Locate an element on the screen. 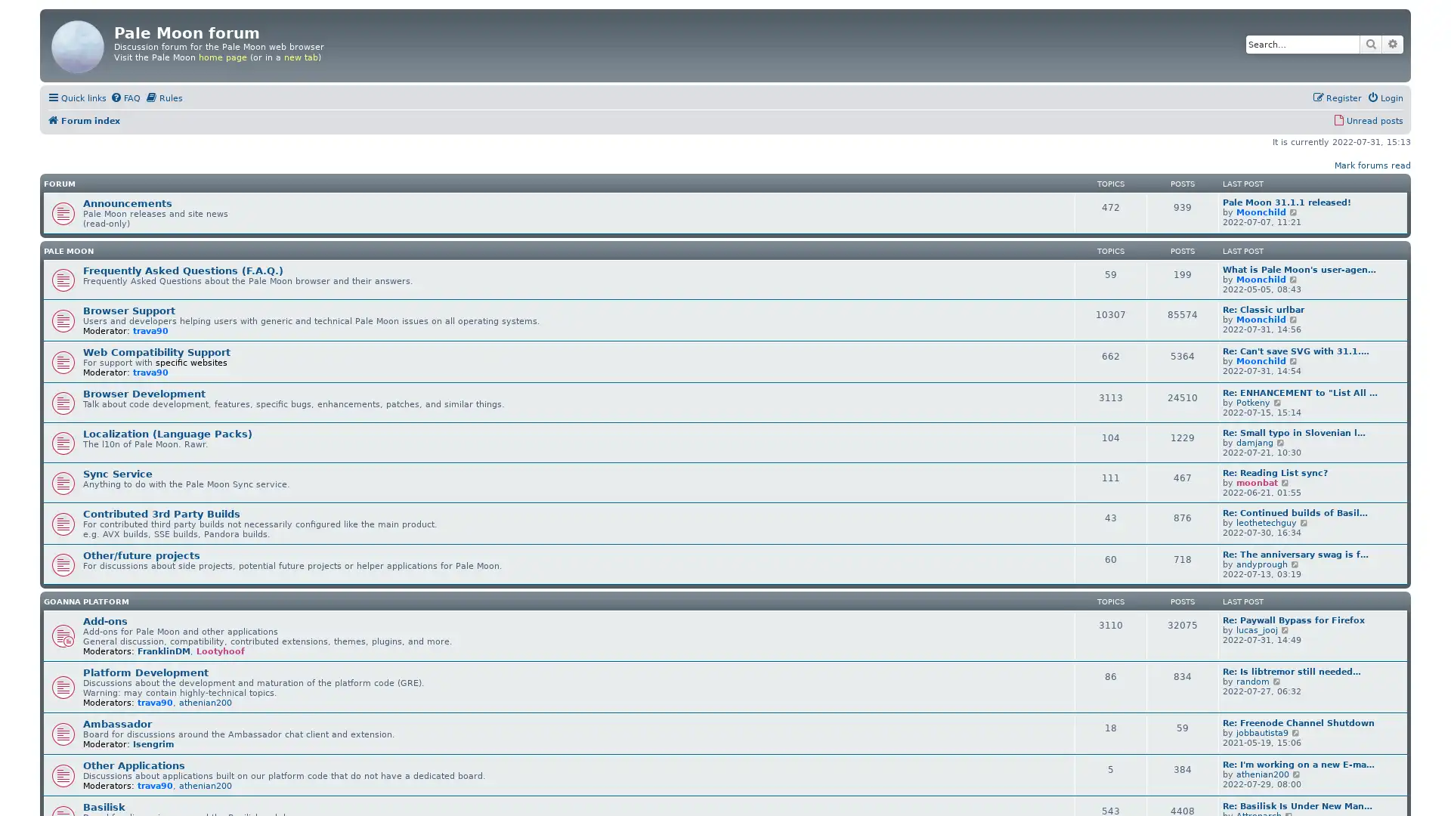 The image size is (1451, 816). Search is located at coordinates (1371, 43).